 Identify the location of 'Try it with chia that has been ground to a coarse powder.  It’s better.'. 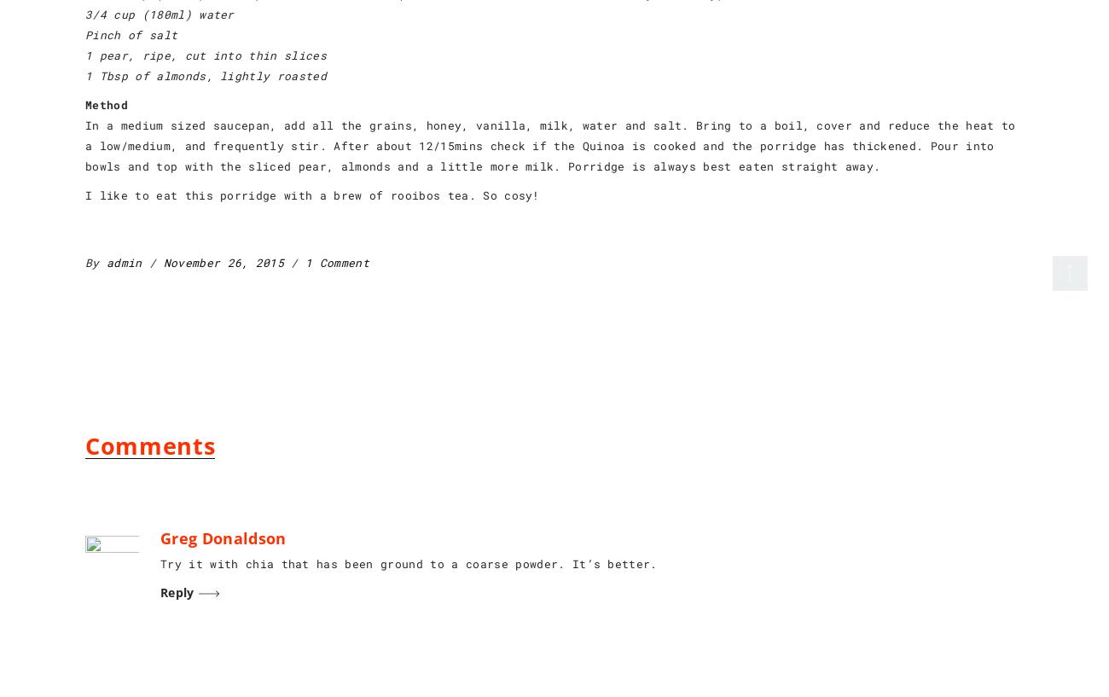
(408, 561).